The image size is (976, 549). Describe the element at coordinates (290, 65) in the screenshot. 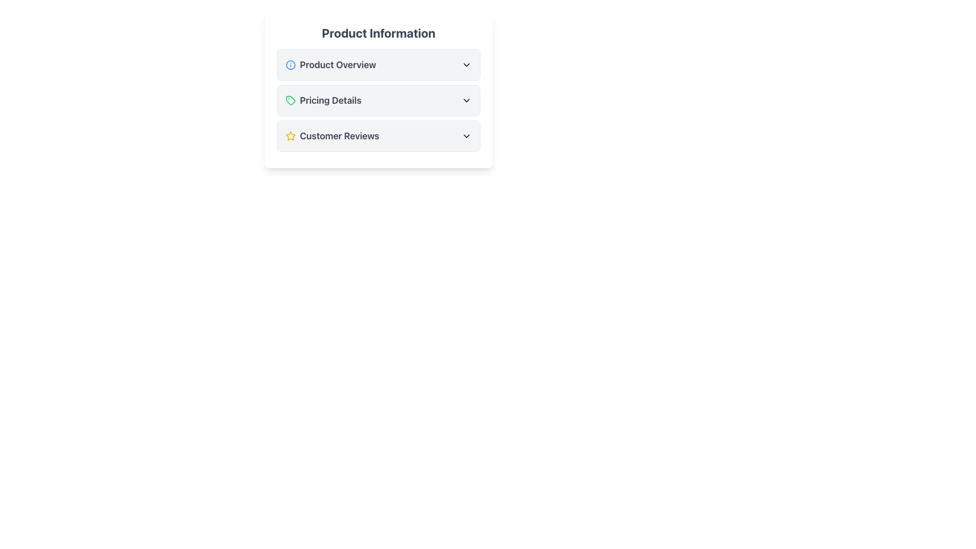

I see `the icon located to the left of the 'Product Overview' text` at that location.